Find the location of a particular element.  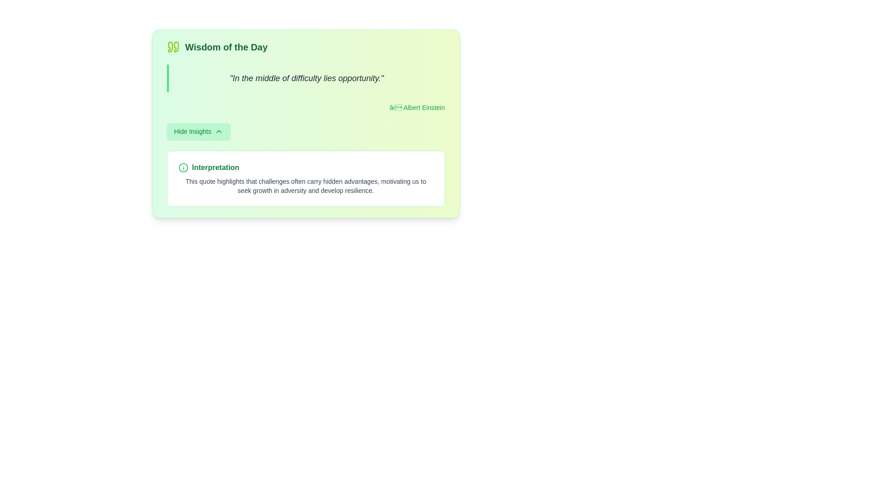

the chevron-up icon styled with a thin green stroke, located to the right of the 'Hide Insights' text within the green button is located at coordinates (218, 131).